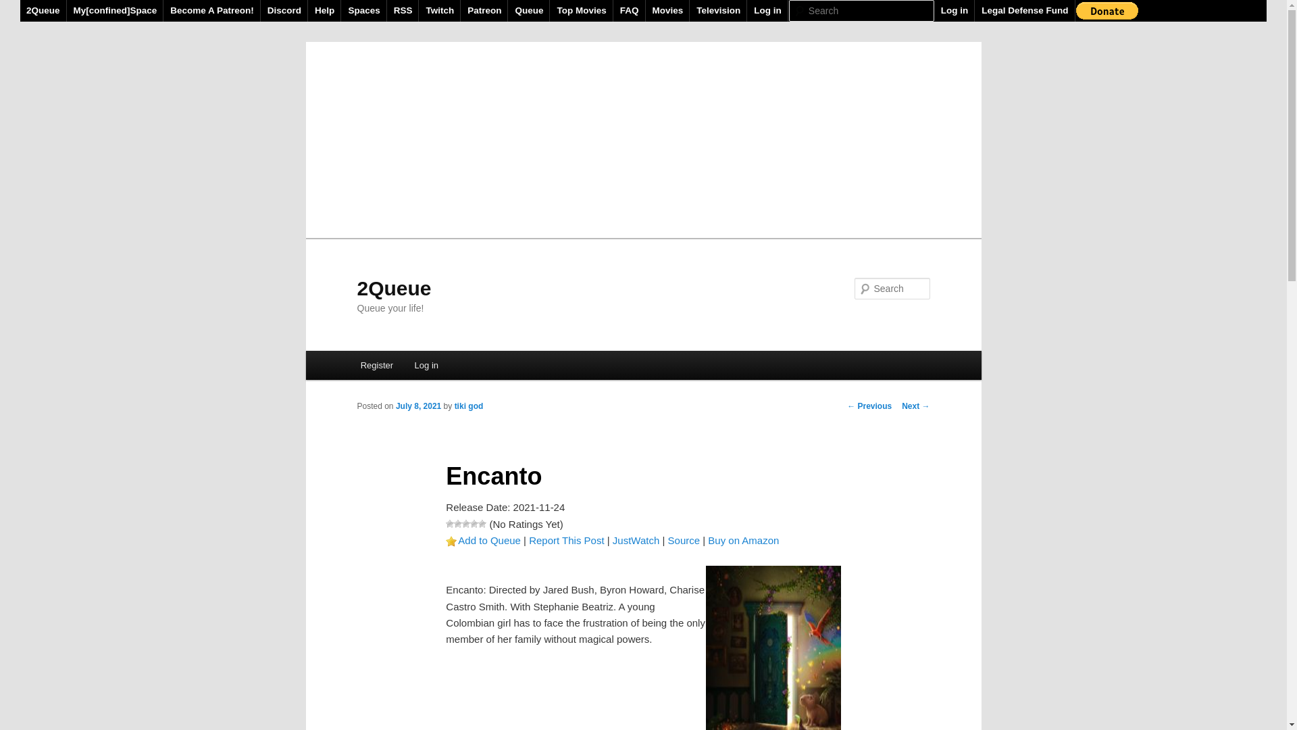 The height and width of the screenshot is (730, 1297). Describe the element at coordinates (43, 10) in the screenshot. I see `'2Queue'` at that location.